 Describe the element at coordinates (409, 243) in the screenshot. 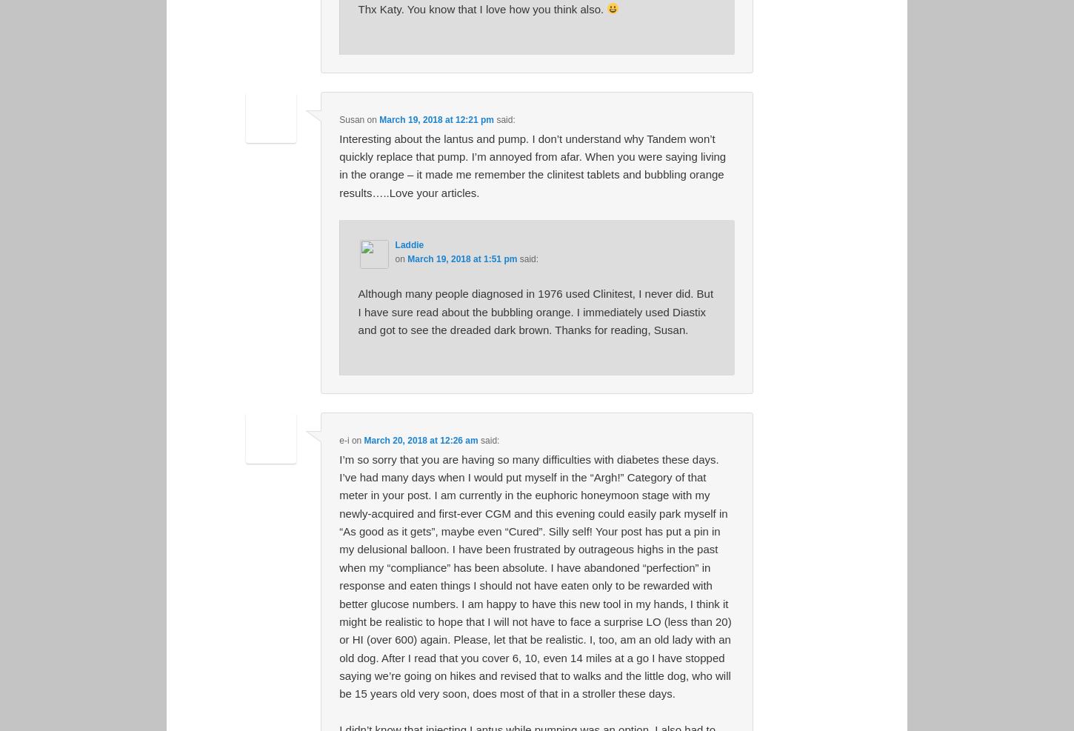

I see `'Laddie'` at that location.